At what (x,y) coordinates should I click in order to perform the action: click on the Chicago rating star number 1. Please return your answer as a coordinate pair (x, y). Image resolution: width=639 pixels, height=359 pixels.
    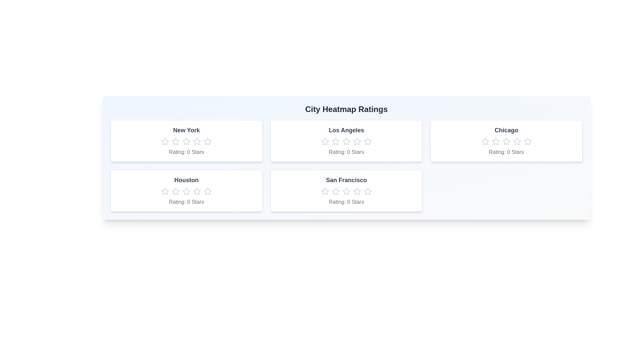
    Looking at the image, I should click on (485, 141).